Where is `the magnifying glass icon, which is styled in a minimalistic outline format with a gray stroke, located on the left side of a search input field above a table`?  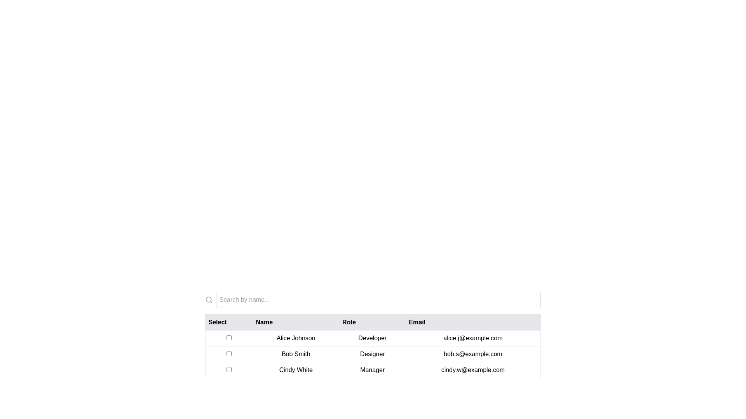
the magnifying glass icon, which is styled in a minimalistic outline format with a gray stroke, located on the left side of a search input field above a table is located at coordinates (209, 299).